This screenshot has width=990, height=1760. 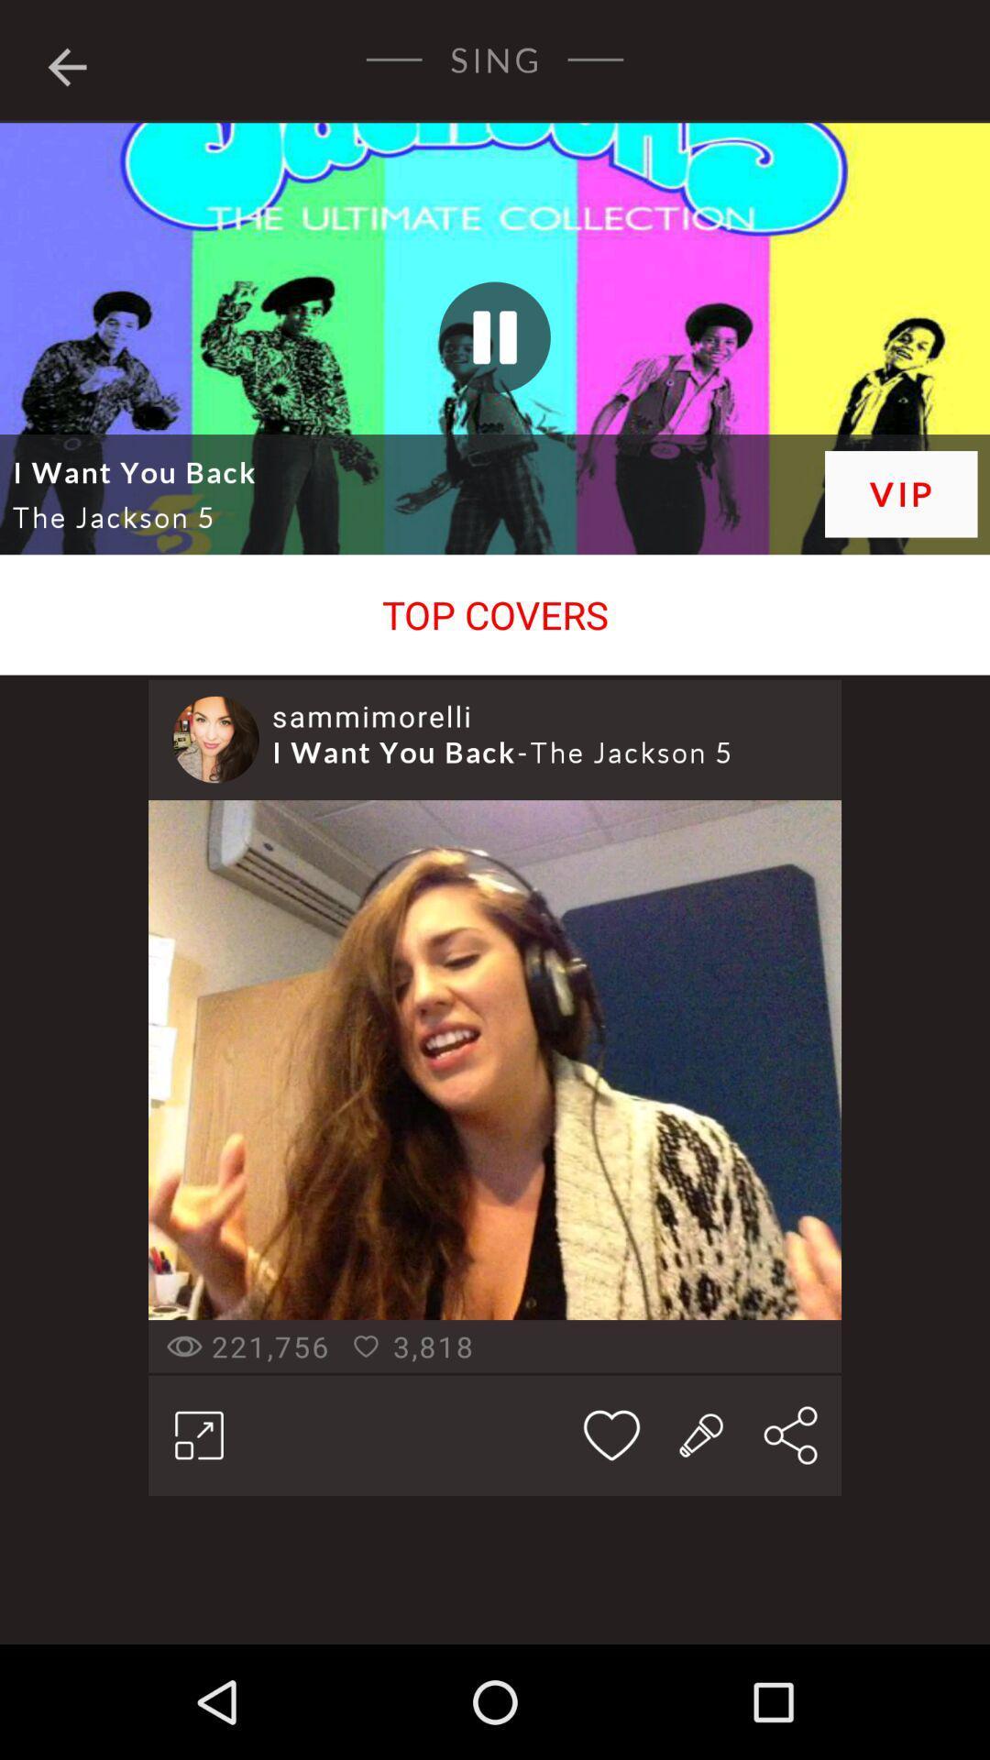 What do you see at coordinates (66, 63) in the screenshot?
I see `icon next to the sing` at bounding box center [66, 63].